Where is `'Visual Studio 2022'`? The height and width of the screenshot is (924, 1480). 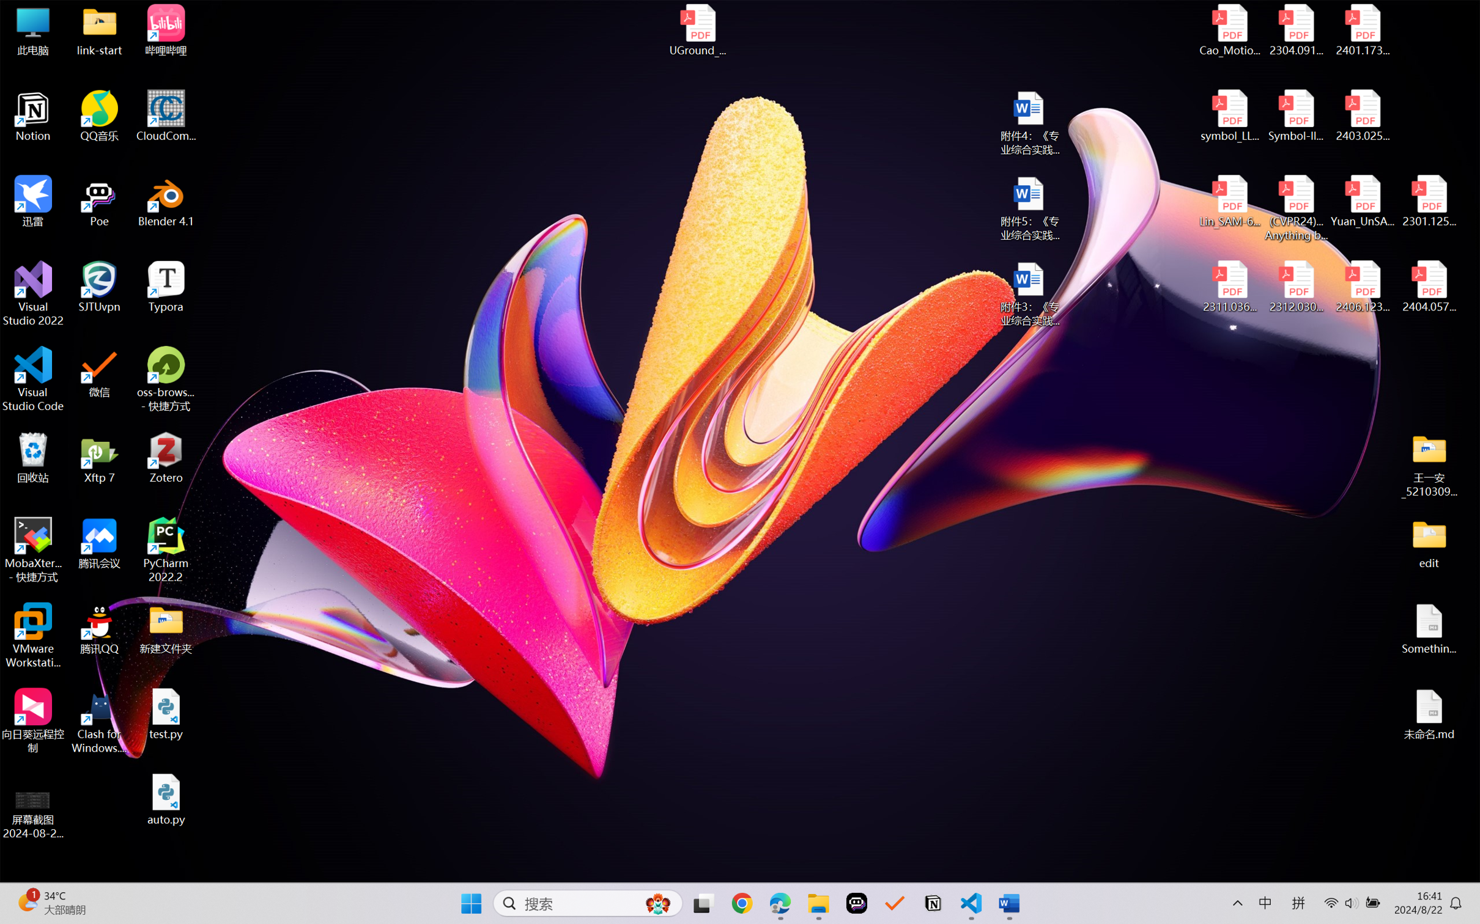 'Visual Studio 2022' is located at coordinates (32, 294).